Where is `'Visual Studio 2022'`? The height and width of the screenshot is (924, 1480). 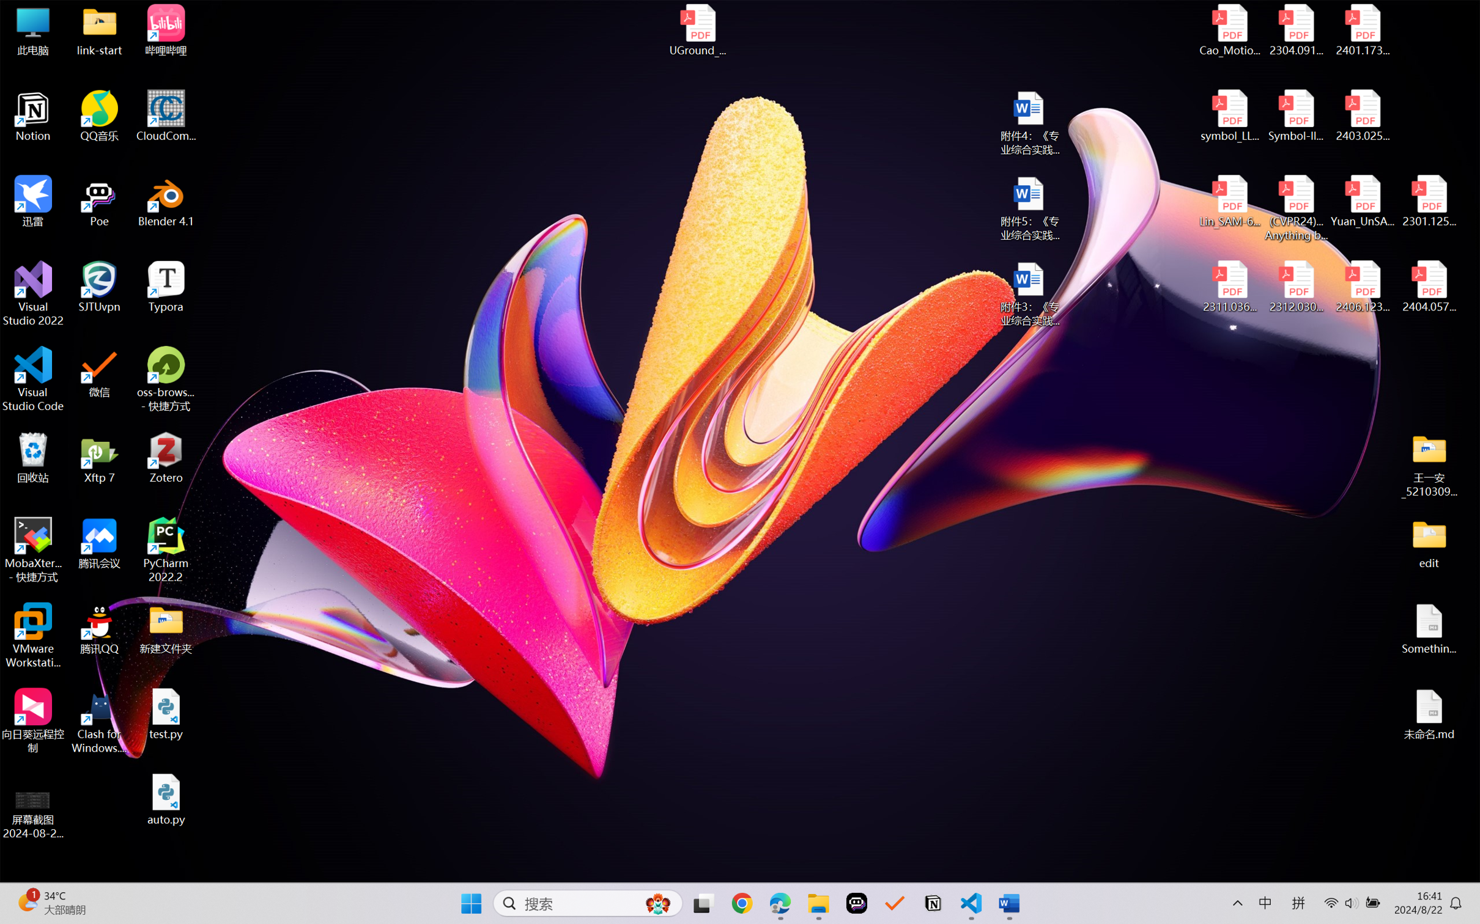 'Visual Studio 2022' is located at coordinates (32, 294).